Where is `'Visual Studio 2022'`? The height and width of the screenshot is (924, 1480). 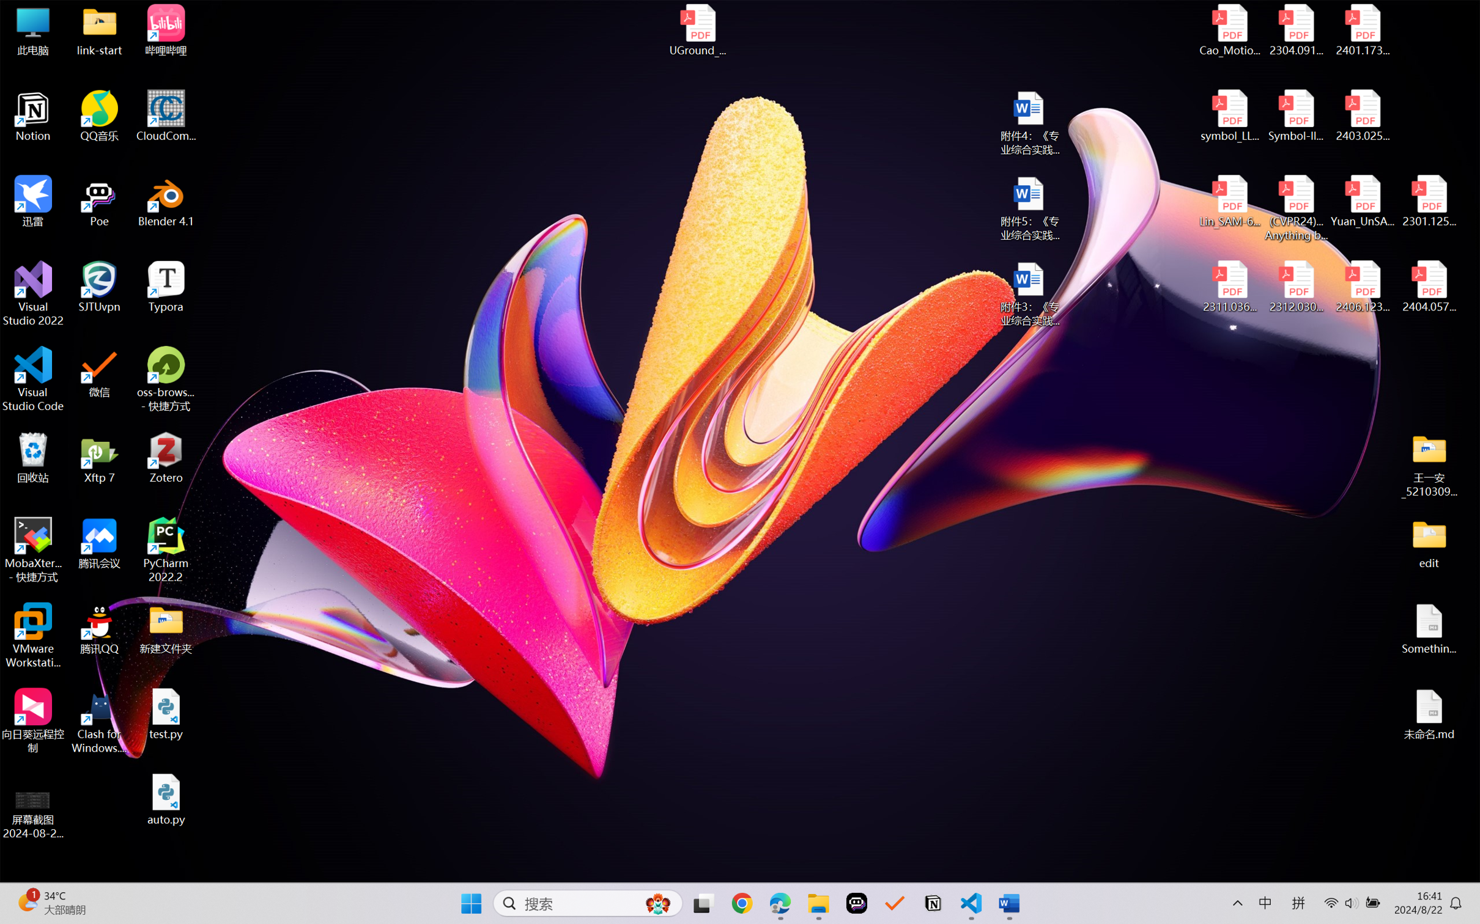 'Visual Studio 2022' is located at coordinates (32, 294).